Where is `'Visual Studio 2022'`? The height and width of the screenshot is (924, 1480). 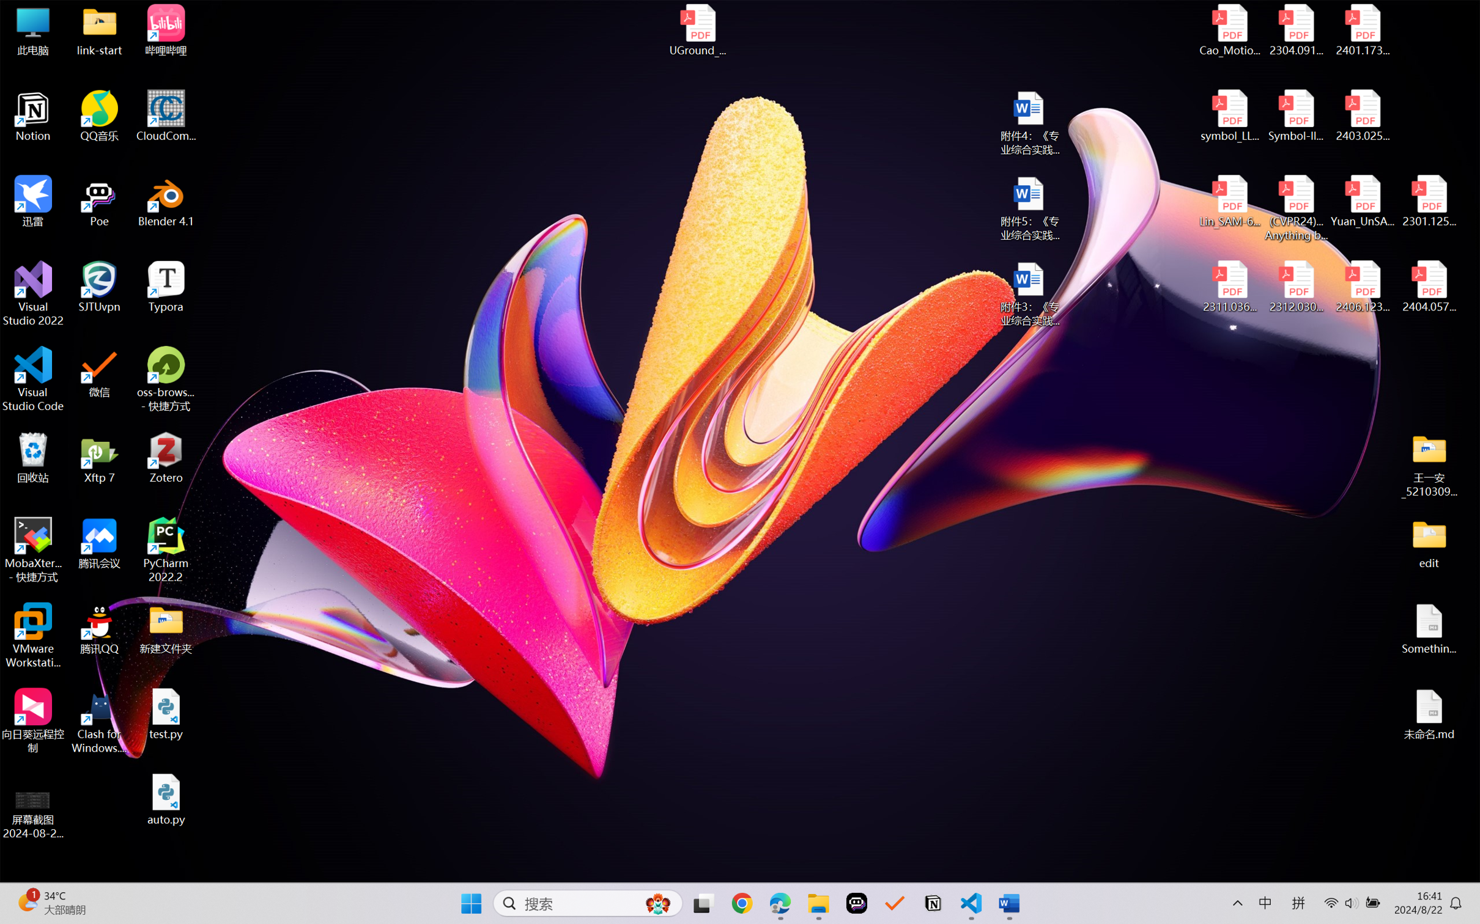 'Visual Studio 2022' is located at coordinates (32, 294).